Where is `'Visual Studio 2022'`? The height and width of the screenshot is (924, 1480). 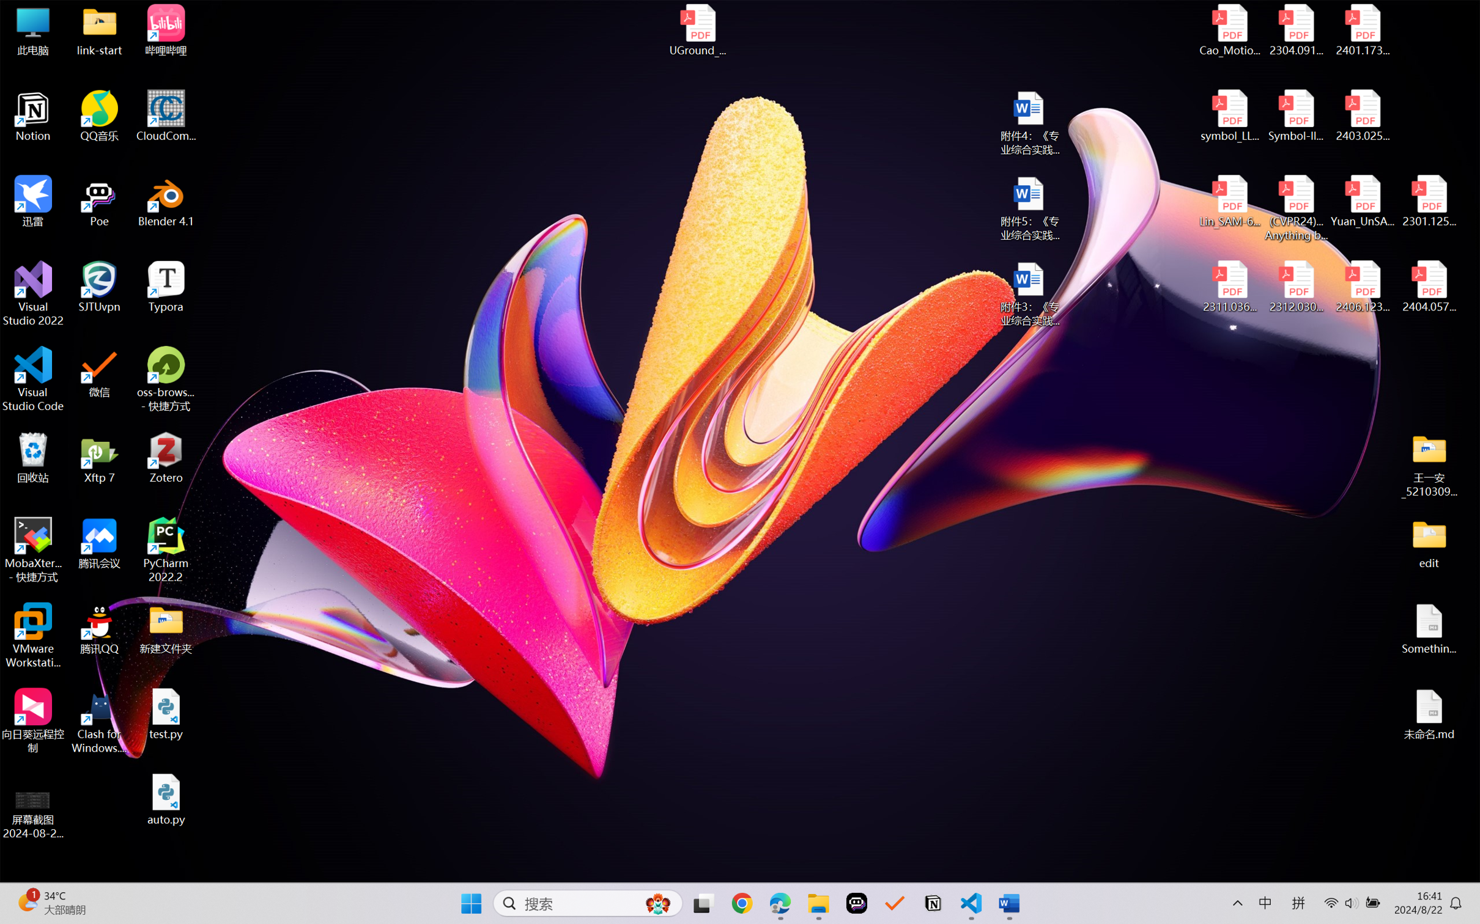 'Visual Studio 2022' is located at coordinates (32, 294).